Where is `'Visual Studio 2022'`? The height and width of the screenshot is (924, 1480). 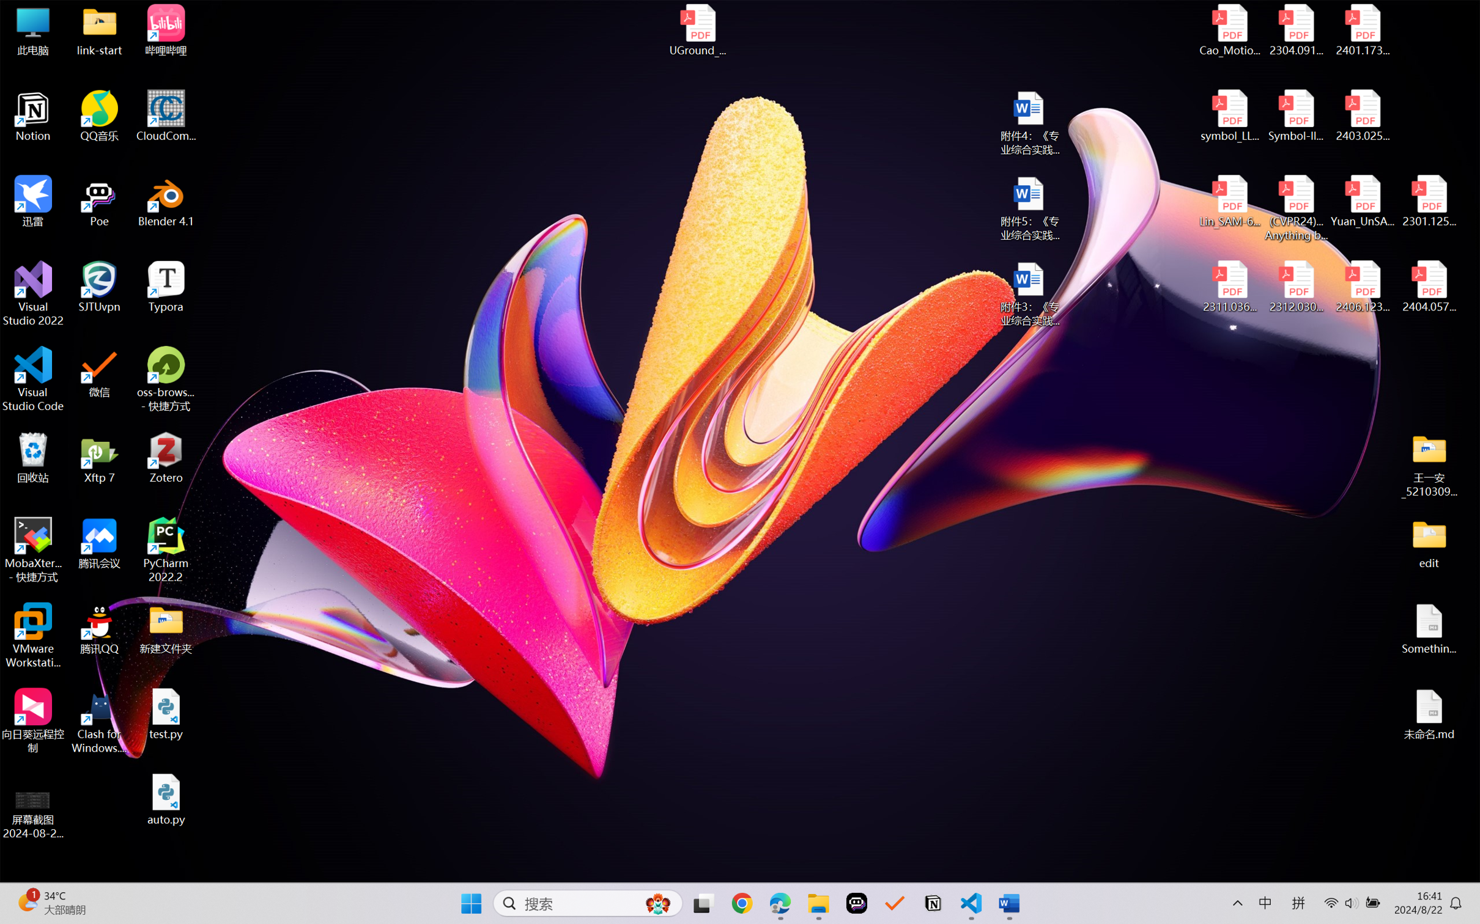 'Visual Studio 2022' is located at coordinates (32, 294).